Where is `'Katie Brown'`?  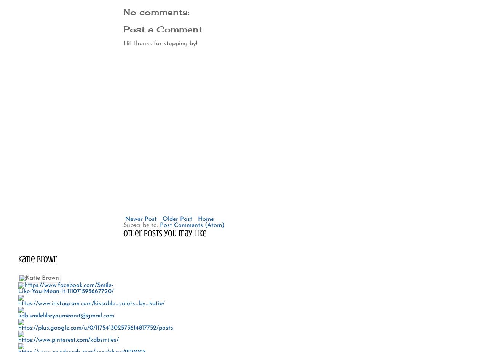 'Katie Brown' is located at coordinates (38, 258).